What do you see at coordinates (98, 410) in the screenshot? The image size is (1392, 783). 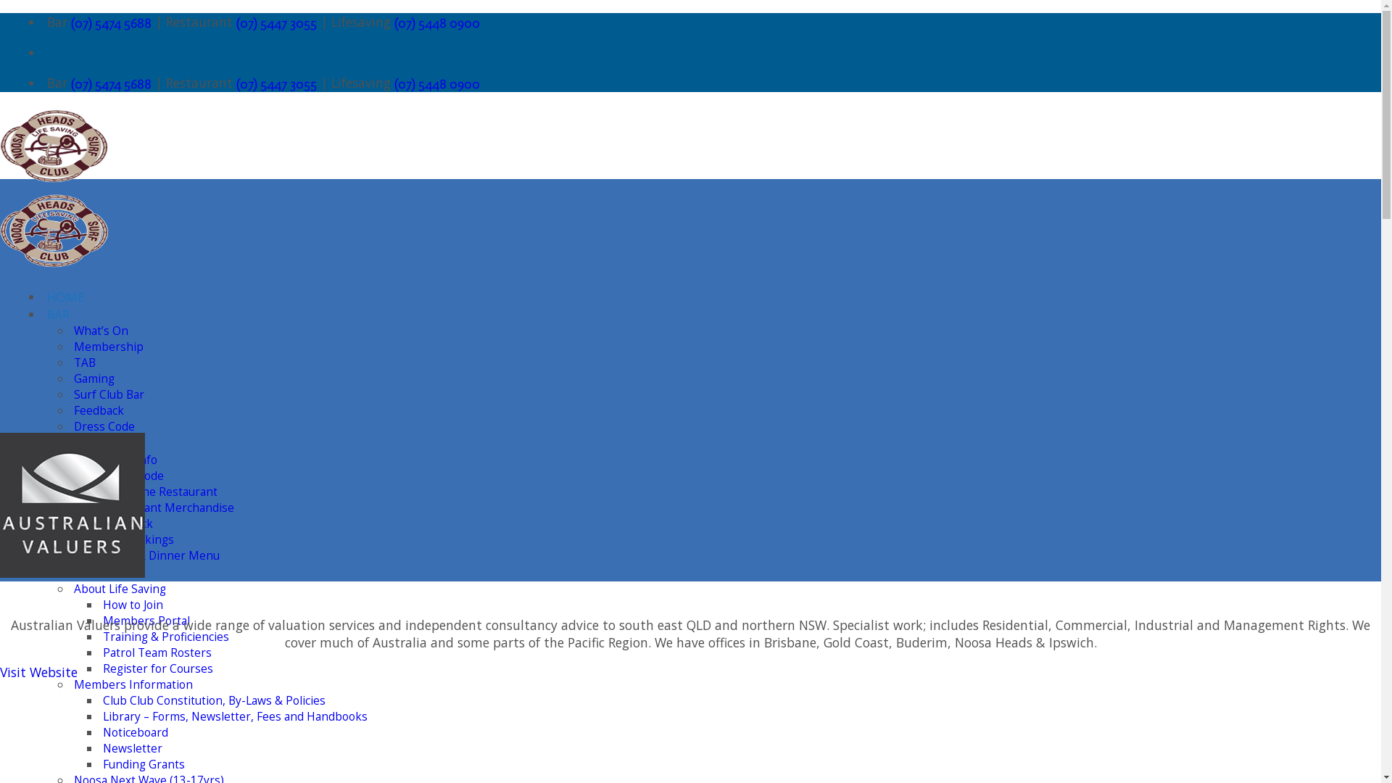 I see `'Feedback'` at bounding box center [98, 410].